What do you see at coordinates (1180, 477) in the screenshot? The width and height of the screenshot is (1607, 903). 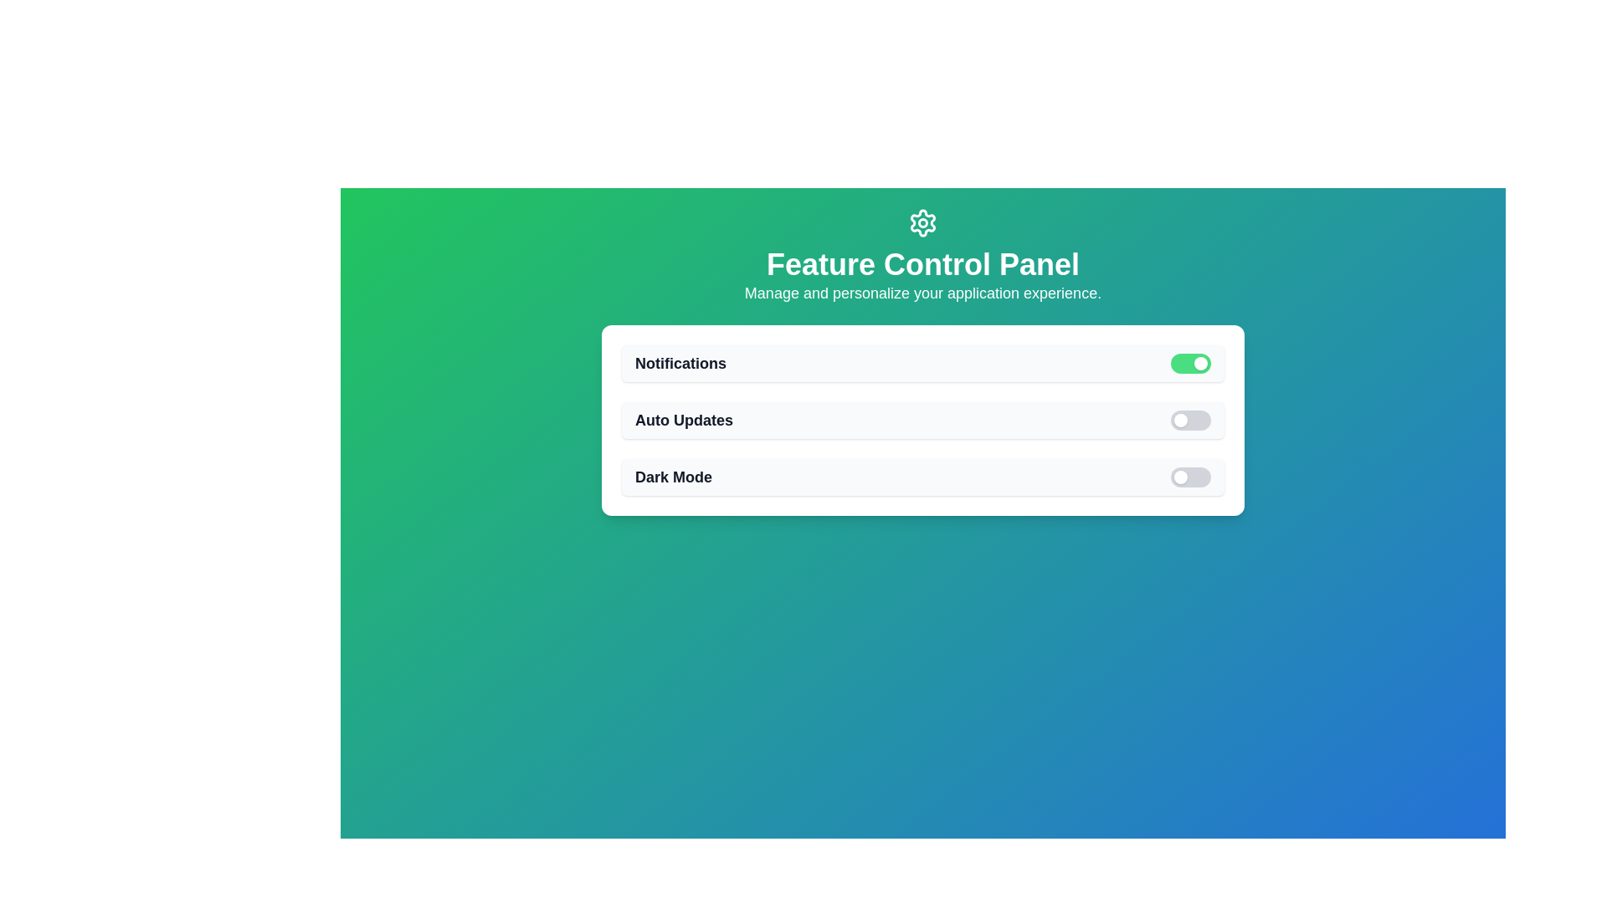 I see `the circular toggle indicator within the toggle switch located in the 'Feature Control Panel' section` at bounding box center [1180, 477].